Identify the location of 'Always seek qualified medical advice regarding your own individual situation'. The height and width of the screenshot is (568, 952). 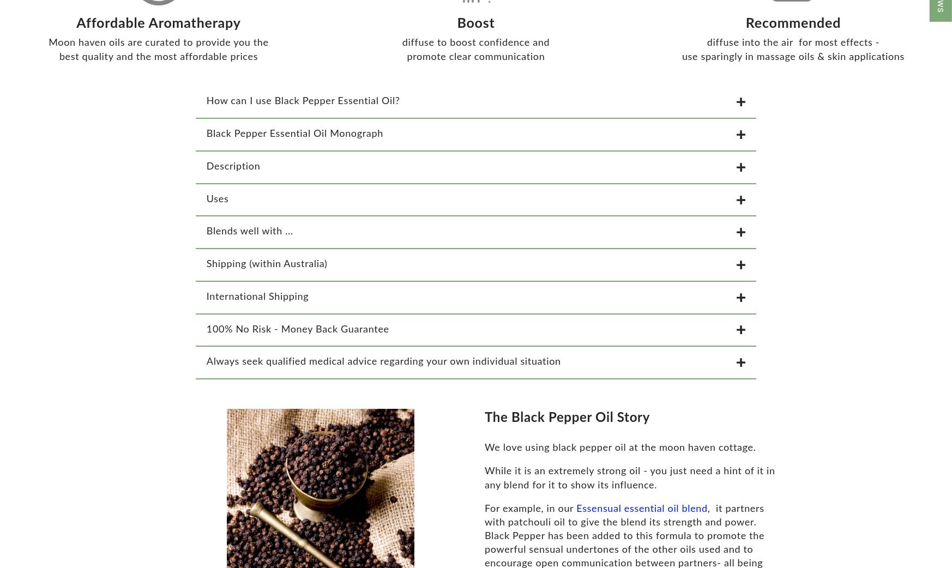
(382, 368).